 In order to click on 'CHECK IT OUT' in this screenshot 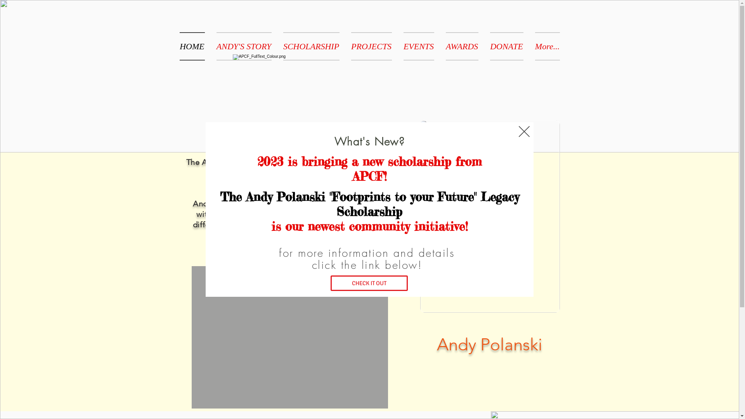, I will do `click(369, 283)`.